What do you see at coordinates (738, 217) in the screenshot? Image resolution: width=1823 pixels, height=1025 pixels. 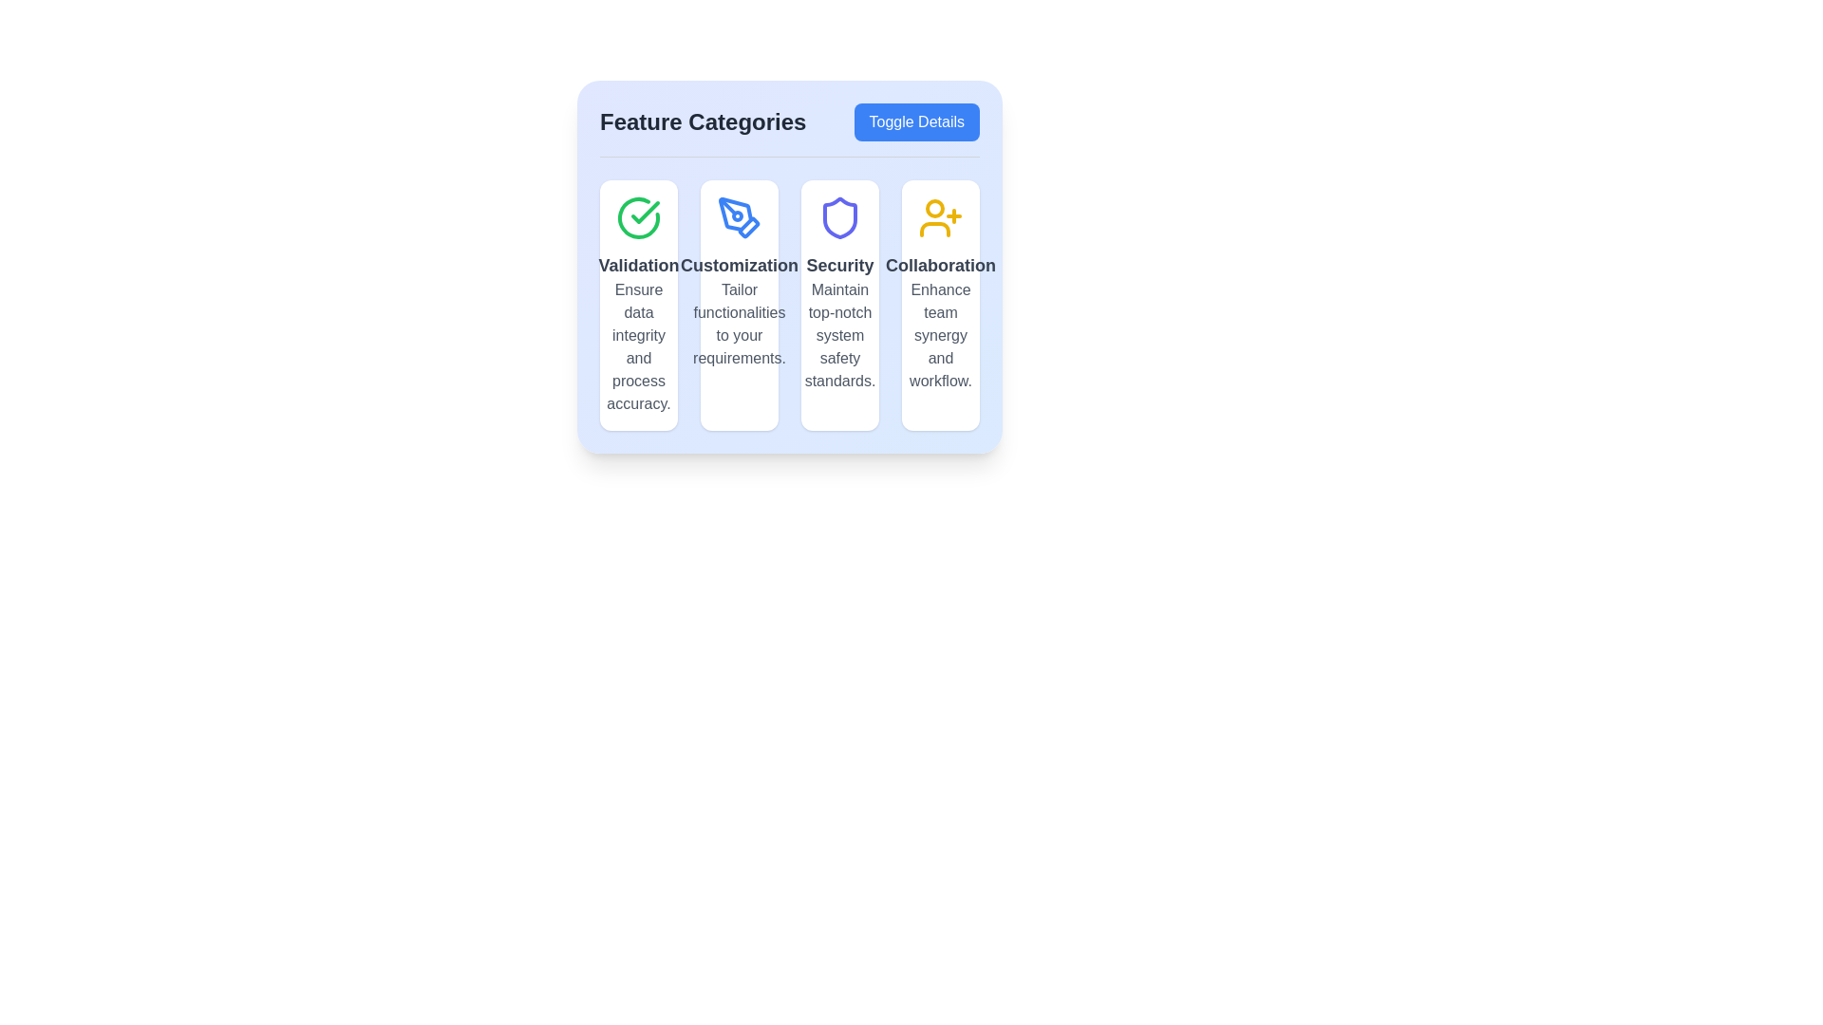 I see `the blue pen tool icon located at the top-center of the 'Customization' card` at bounding box center [738, 217].